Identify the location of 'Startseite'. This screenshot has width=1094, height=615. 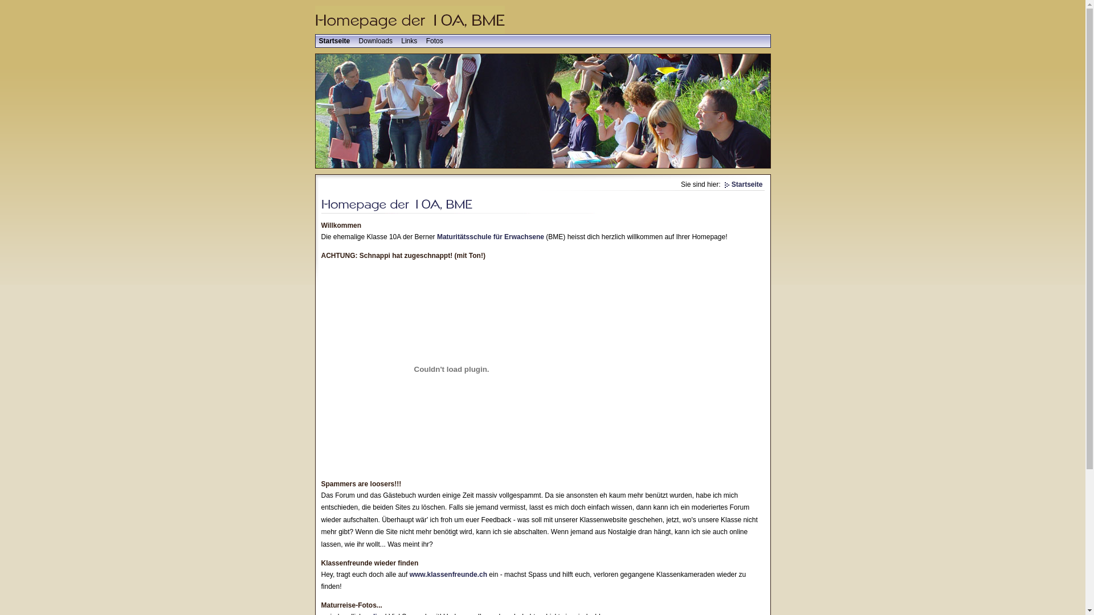
(744, 184).